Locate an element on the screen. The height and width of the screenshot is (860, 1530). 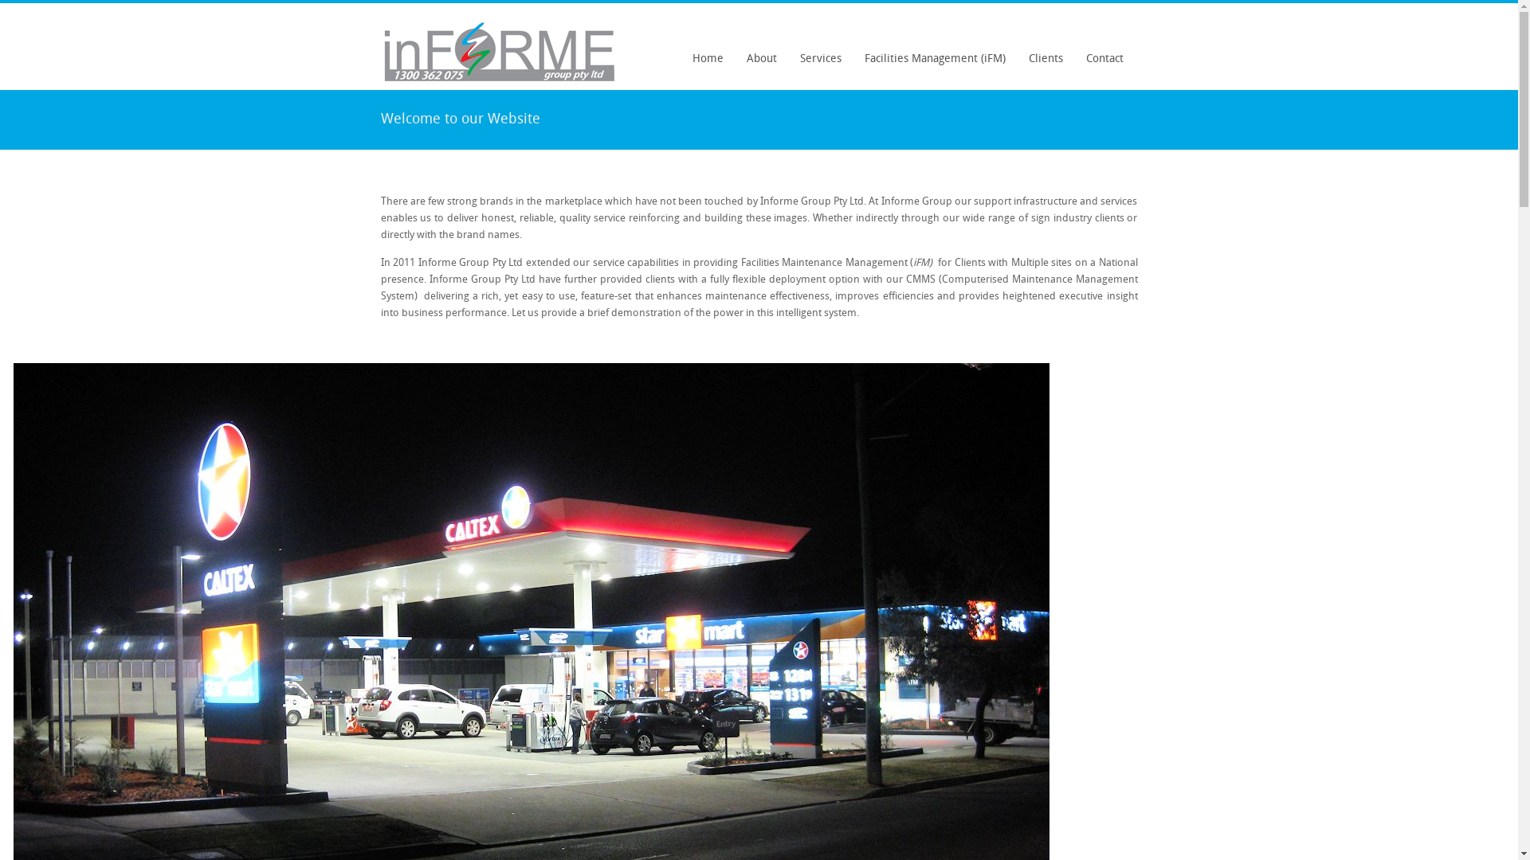
'Facilities Management (iFM)' is located at coordinates (855, 58).